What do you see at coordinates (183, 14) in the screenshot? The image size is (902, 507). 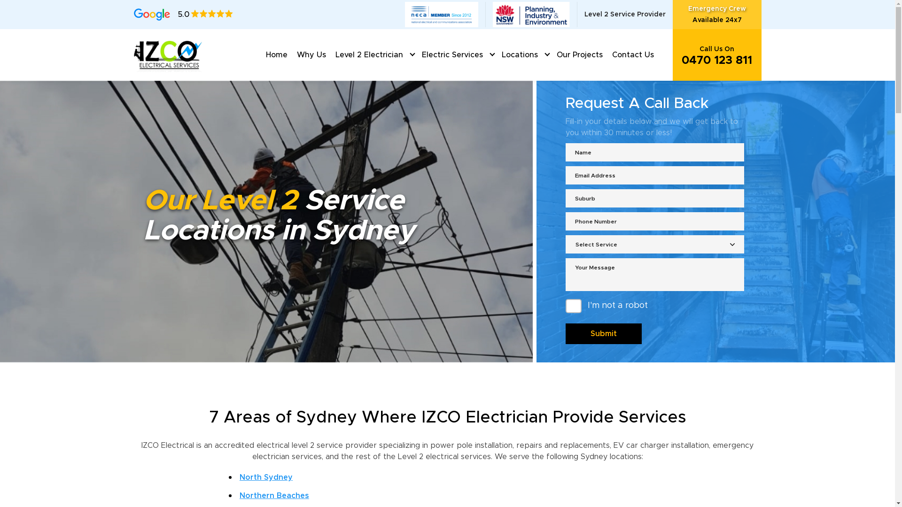 I see `'5.0'` at bounding box center [183, 14].